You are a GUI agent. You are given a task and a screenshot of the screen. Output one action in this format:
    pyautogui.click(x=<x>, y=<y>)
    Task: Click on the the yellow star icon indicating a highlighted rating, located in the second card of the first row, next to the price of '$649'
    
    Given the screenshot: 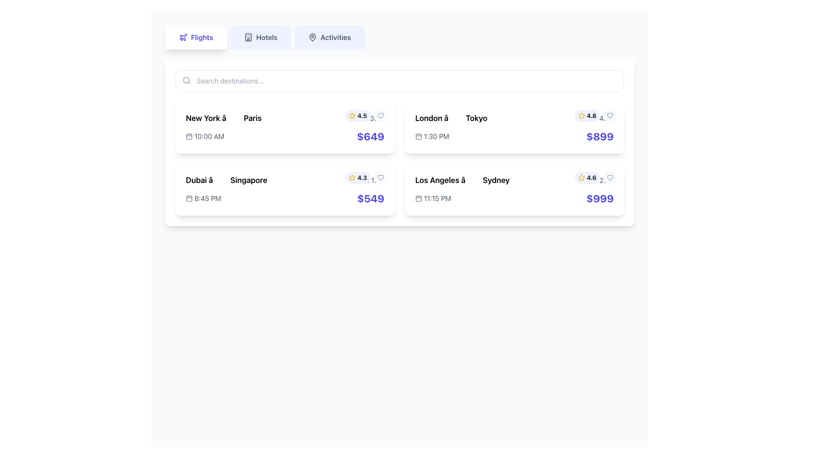 What is the action you would take?
    pyautogui.click(x=352, y=177)
    